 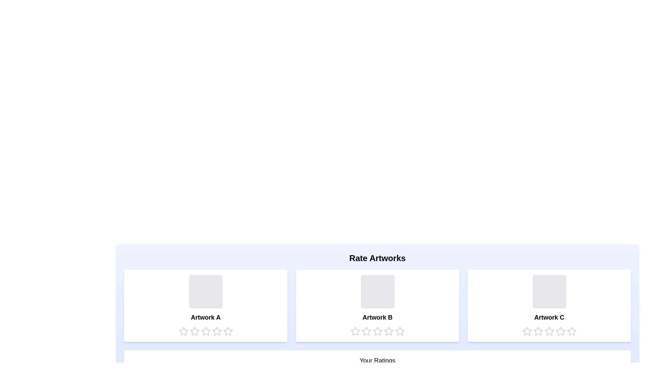 What do you see at coordinates (194, 331) in the screenshot?
I see `the star corresponding to the rating 2 for the artwork Artwork A` at bounding box center [194, 331].